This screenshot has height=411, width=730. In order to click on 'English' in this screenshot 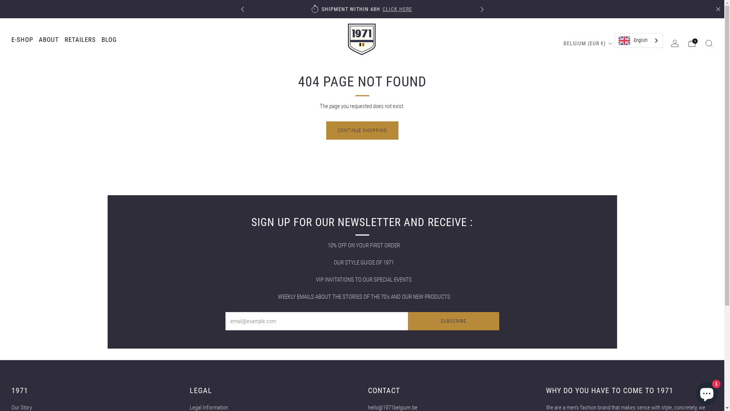, I will do `click(639, 40)`.